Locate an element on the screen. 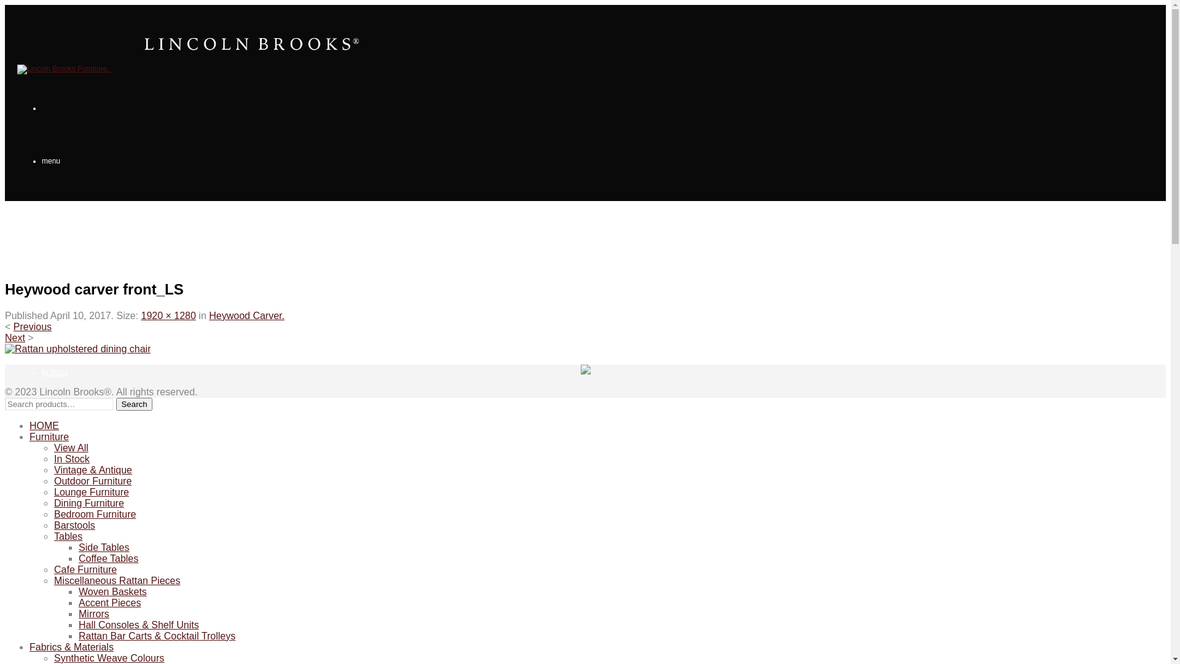 The image size is (1180, 664). 'View All' is located at coordinates (70, 448).